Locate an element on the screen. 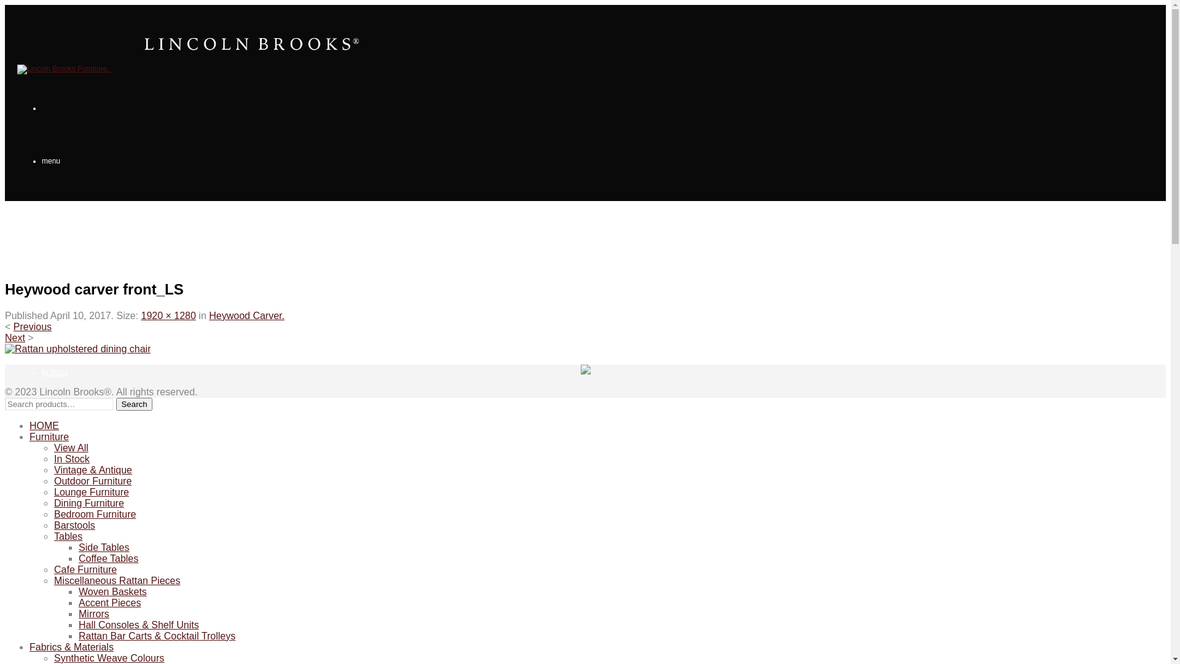 The image size is (1180, 664). 'View All' is located at coordinates (70, 448).